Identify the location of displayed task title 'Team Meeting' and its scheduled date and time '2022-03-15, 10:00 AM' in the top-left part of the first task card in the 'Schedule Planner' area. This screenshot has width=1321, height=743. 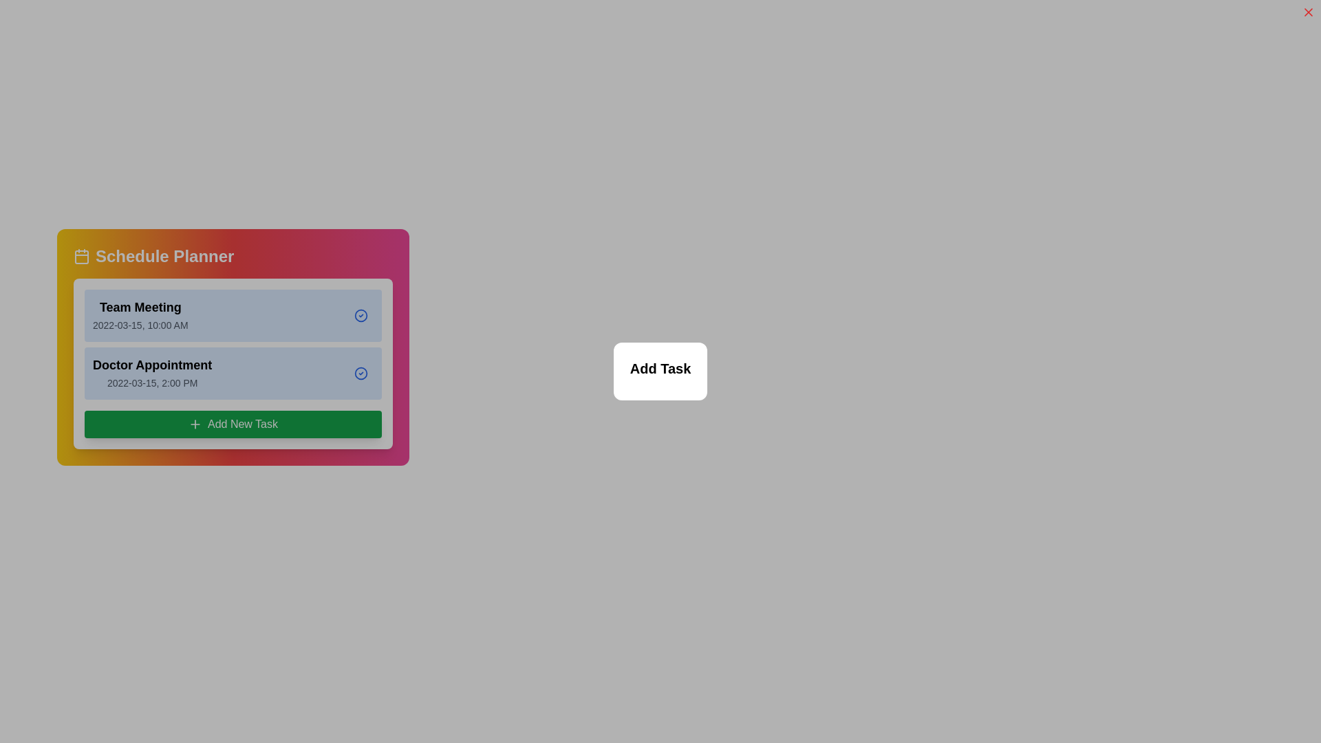
(140, 316).